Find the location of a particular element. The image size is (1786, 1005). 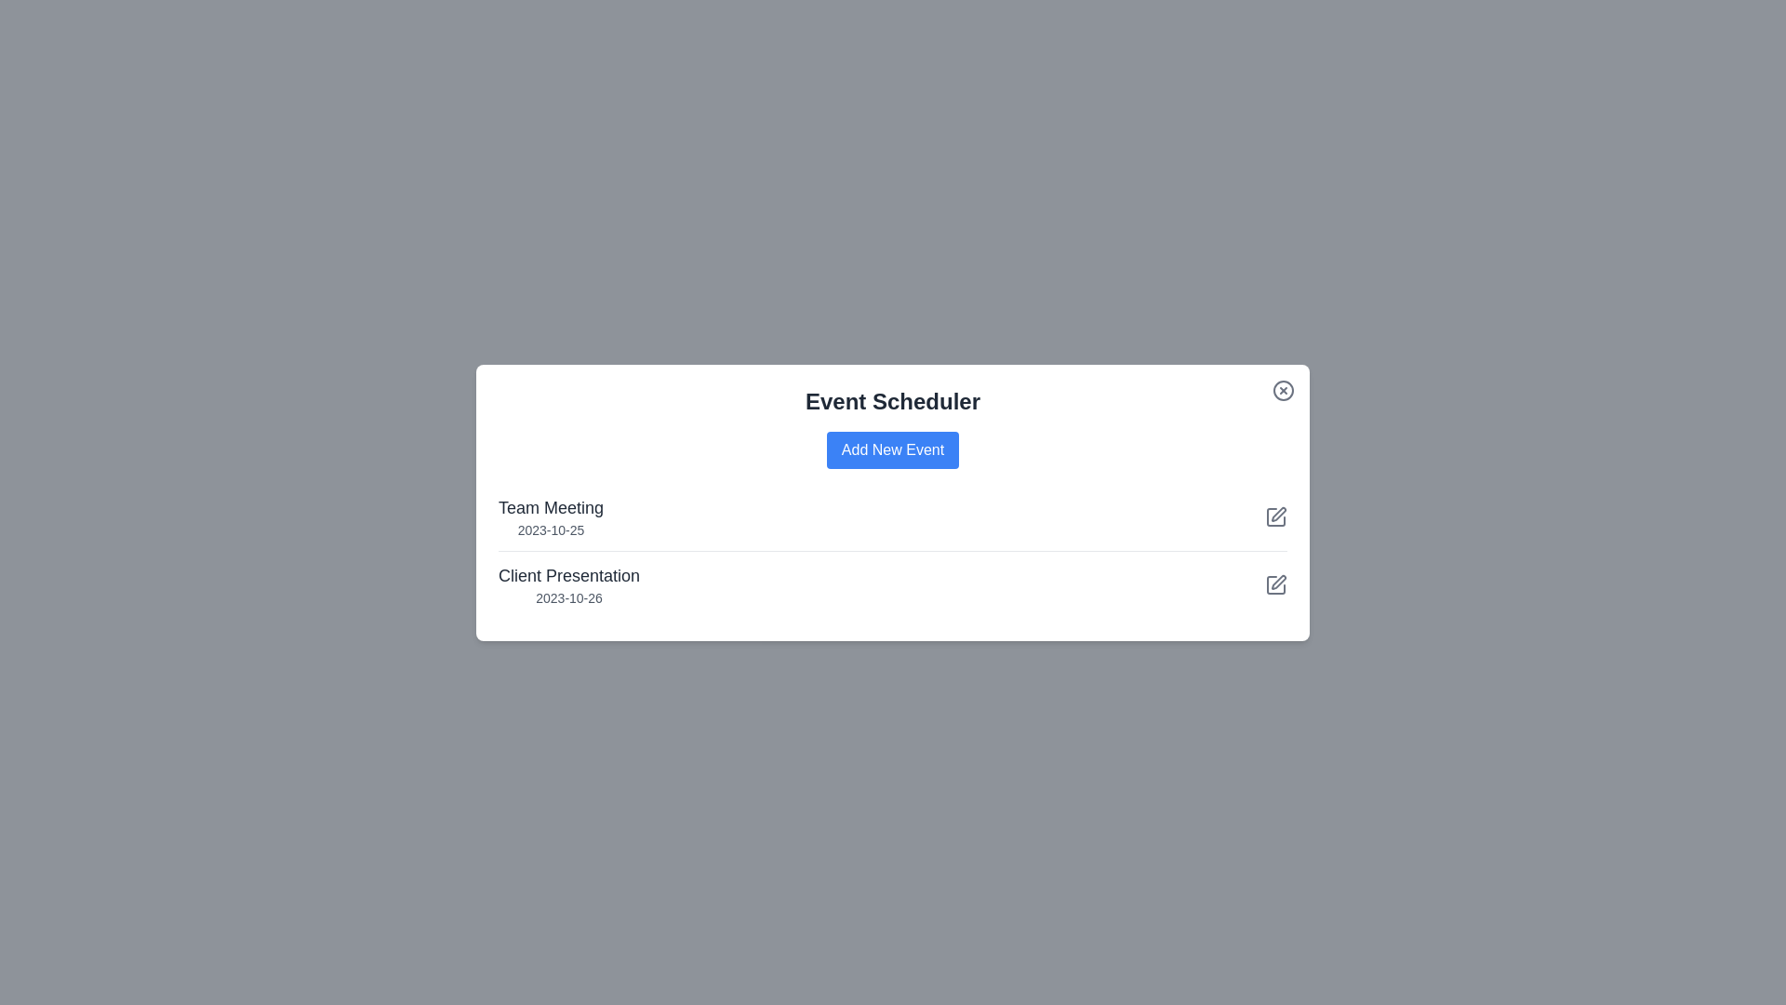

the static text label displaying the date '2023-10-25', which is styled in gray and positioned below the title 'Team Meeting' is located at coordinates (550, 529).